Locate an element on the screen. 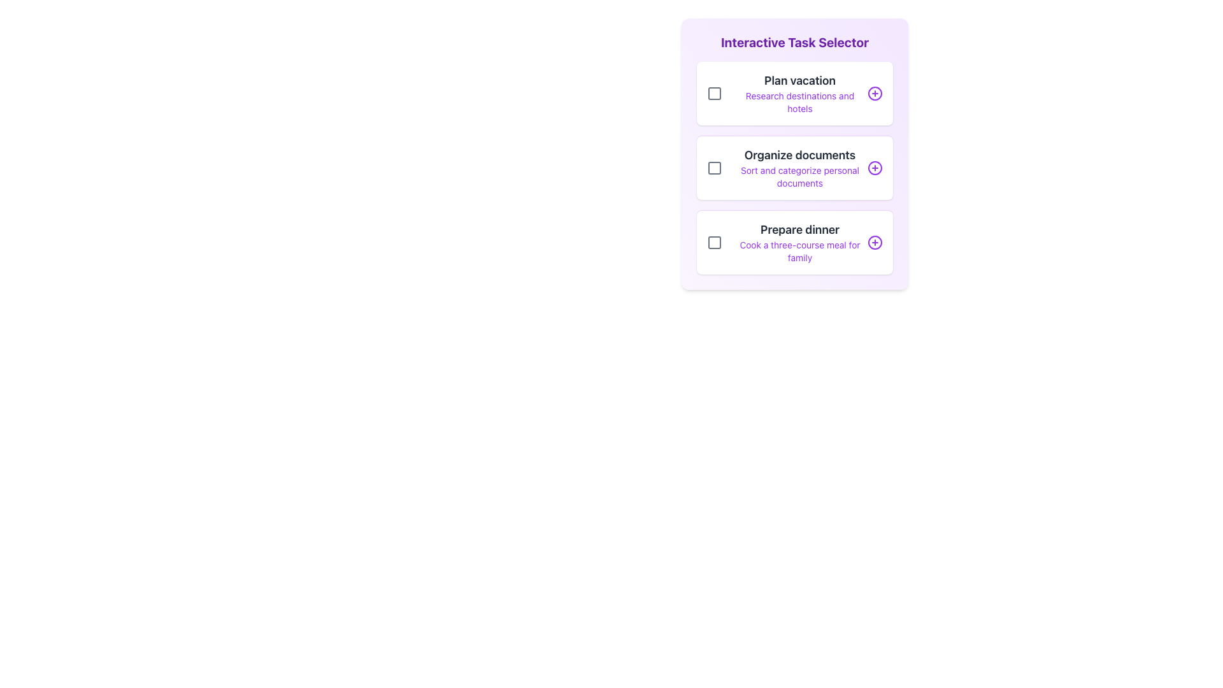 The image size is (1223, 688). the button located at the far-right side of the 'Plan vacation' task card is located at coordinates (874, 92).